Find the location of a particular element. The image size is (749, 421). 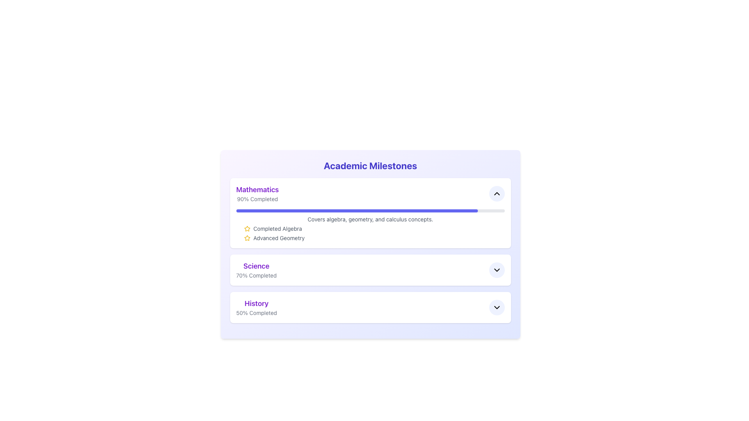

progress information displayed for the Science subject in the List Item with Progress Information and Expand/Collapse Interaction, which shows that 70% of the tasks have been completed is located at coordinates (370, 270).